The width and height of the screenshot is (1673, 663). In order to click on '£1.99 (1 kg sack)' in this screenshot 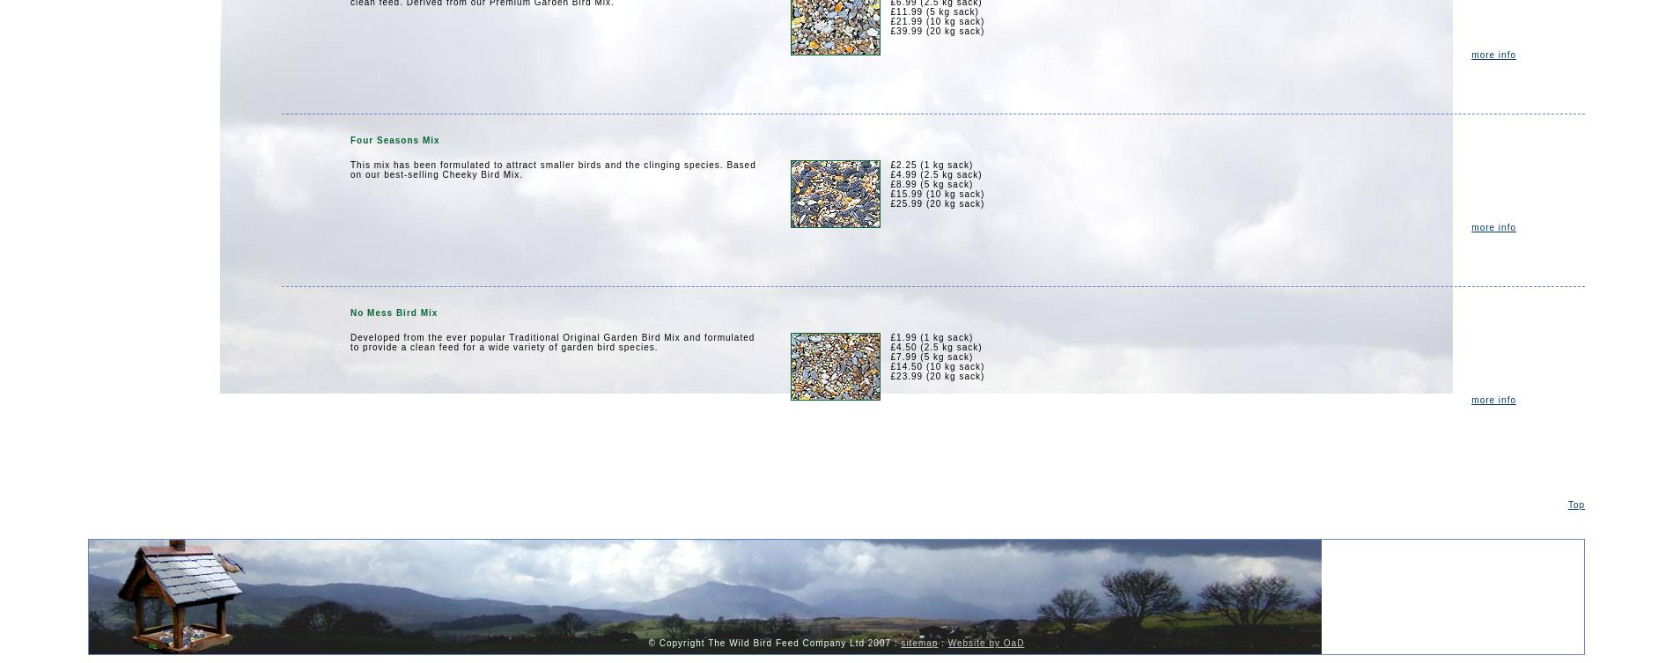, I will do `click(931, 336)`.